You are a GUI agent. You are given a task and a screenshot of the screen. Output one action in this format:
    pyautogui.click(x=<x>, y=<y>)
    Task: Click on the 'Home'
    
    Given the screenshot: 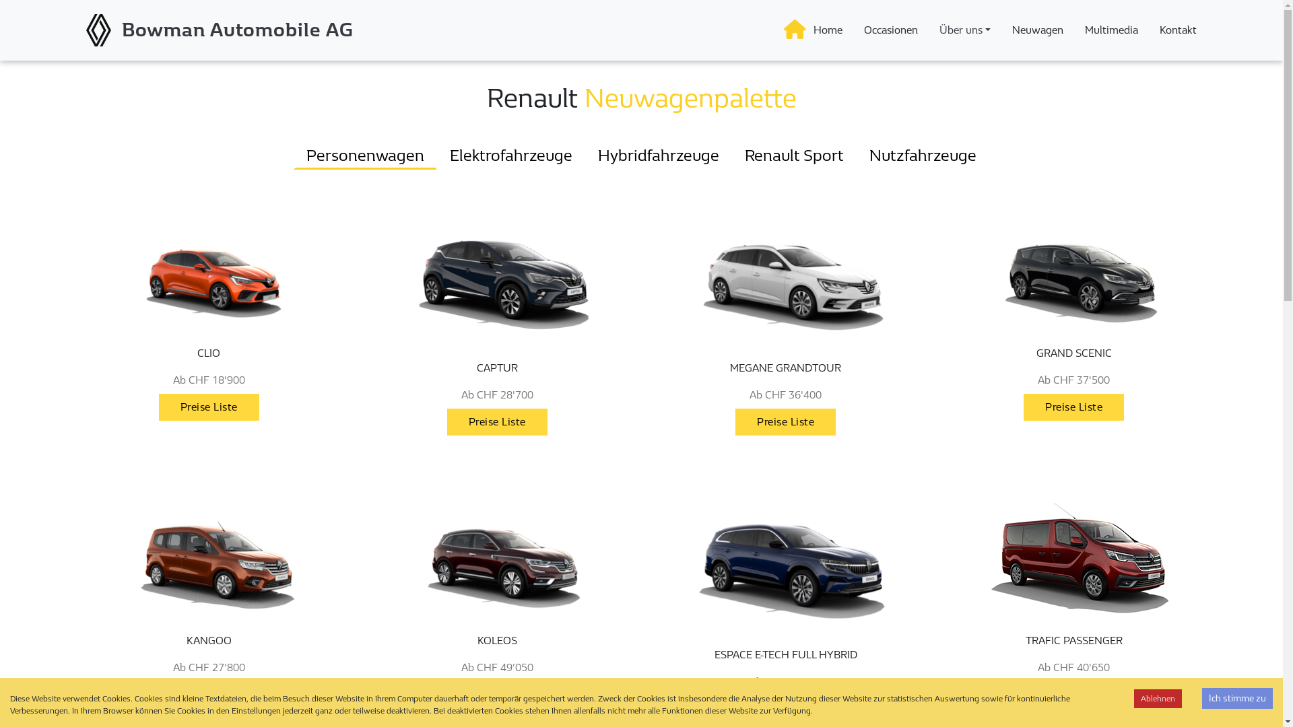 What is the action you would take?
    pyautogui.click(x=827, y=30)
    